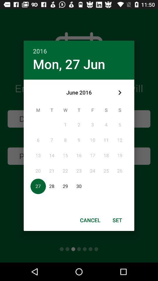 Image resolution: width=158 pixels, height=281 pixels. I want to click on the set item, so click(117, 220).